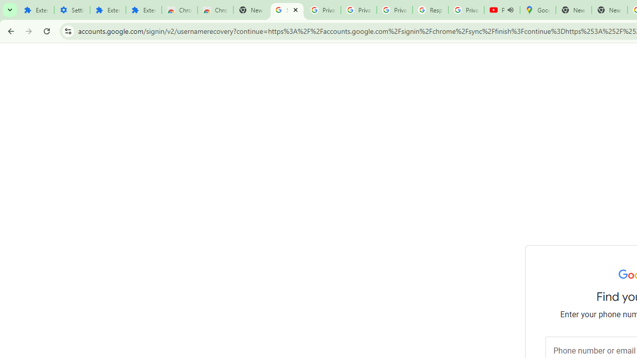  Describe the element at coordinates (287, 10) in the screenshot. I see `'Sign in - Google Accounts'` at that location.